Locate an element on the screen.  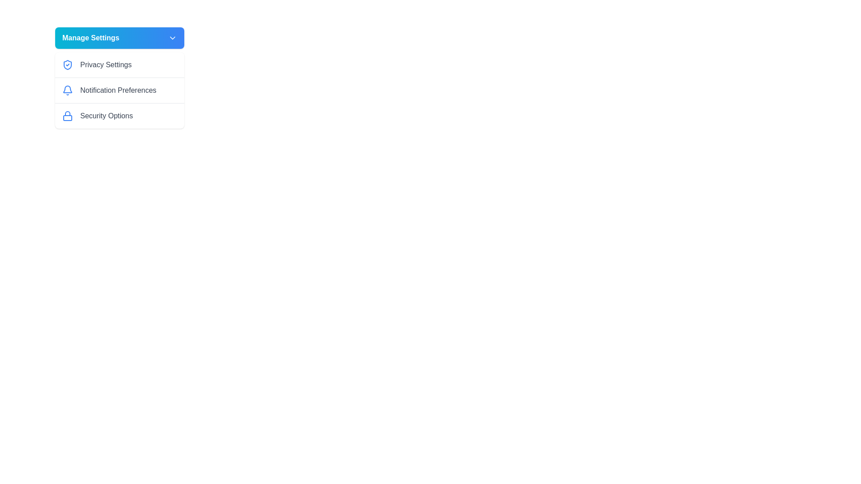
the security icon located to the left of the text 'Security Options' within the 'Manage Settings' section is located at coordinates (67, 115).